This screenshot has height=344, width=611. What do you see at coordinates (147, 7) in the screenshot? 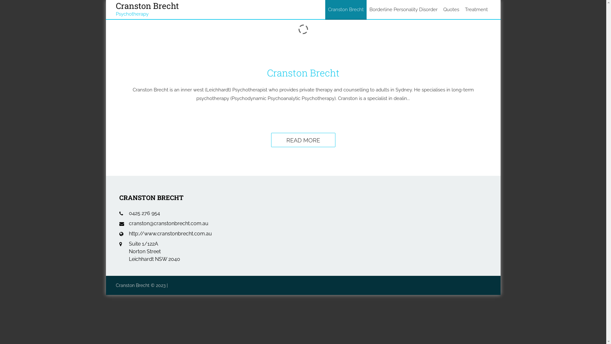
I see `'Cranston Brecht` at bounding box center [147, 7].